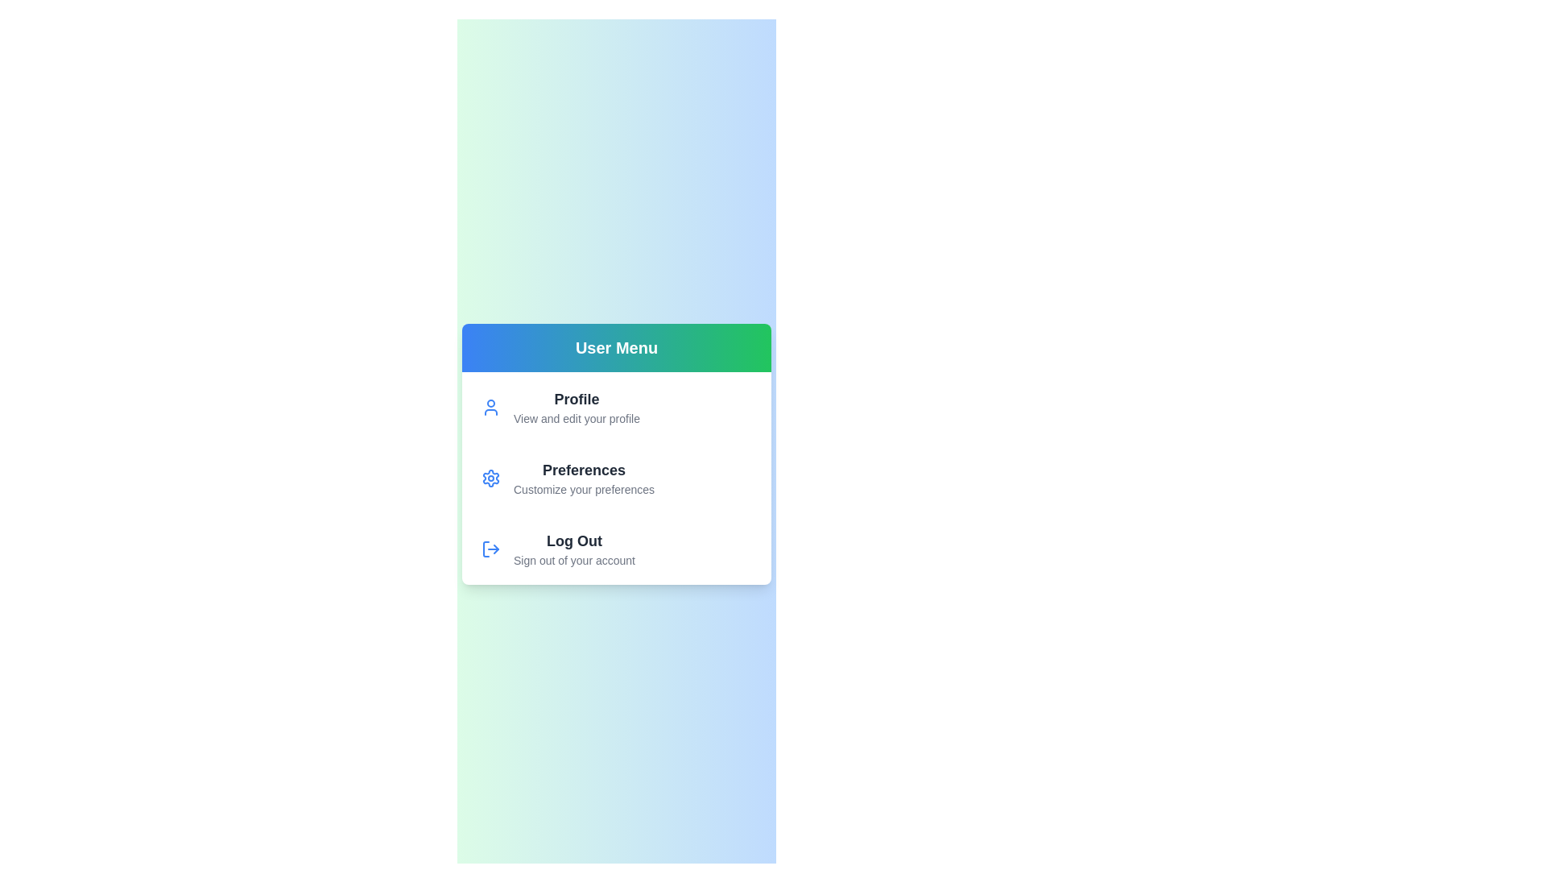  What do you see at coordinates (616, 549) in the screenshot?
I see `the 'Log Out' option to sign out of the account` at bounding box center [616, 549].